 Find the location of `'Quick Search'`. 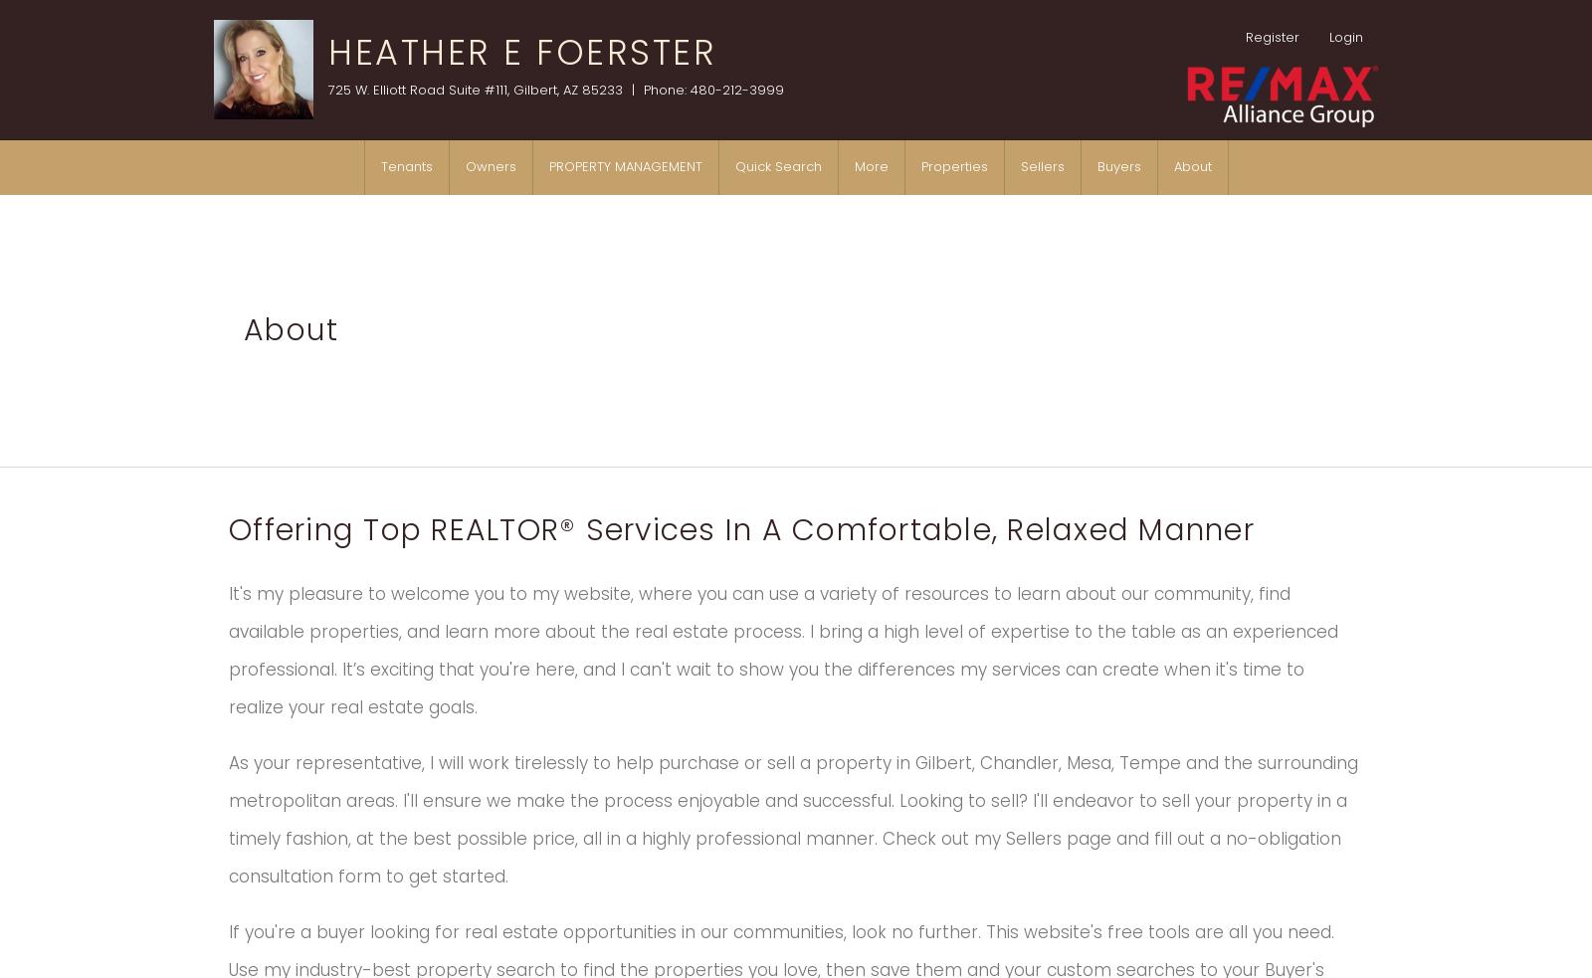

'Quick Search' is located at coordinates (777, 166).